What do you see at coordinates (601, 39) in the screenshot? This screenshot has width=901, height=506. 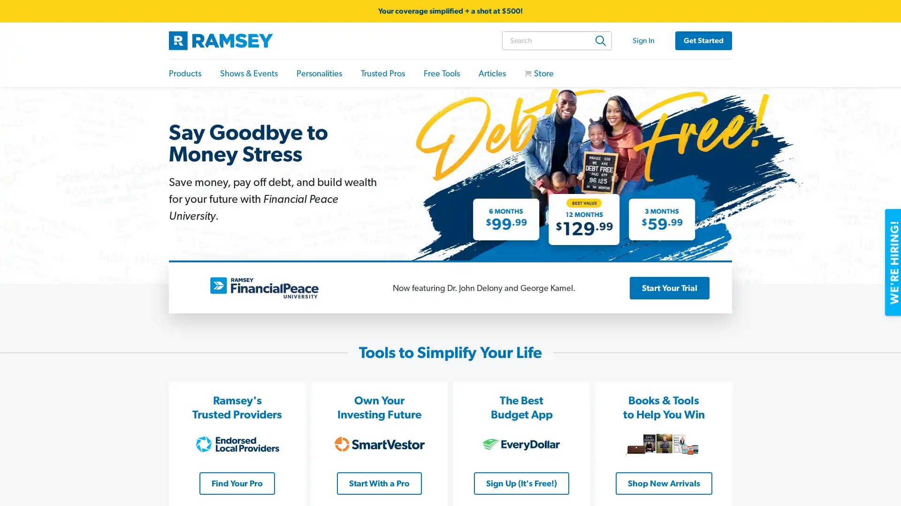 I see `Search` at bounding box center [601, 39].